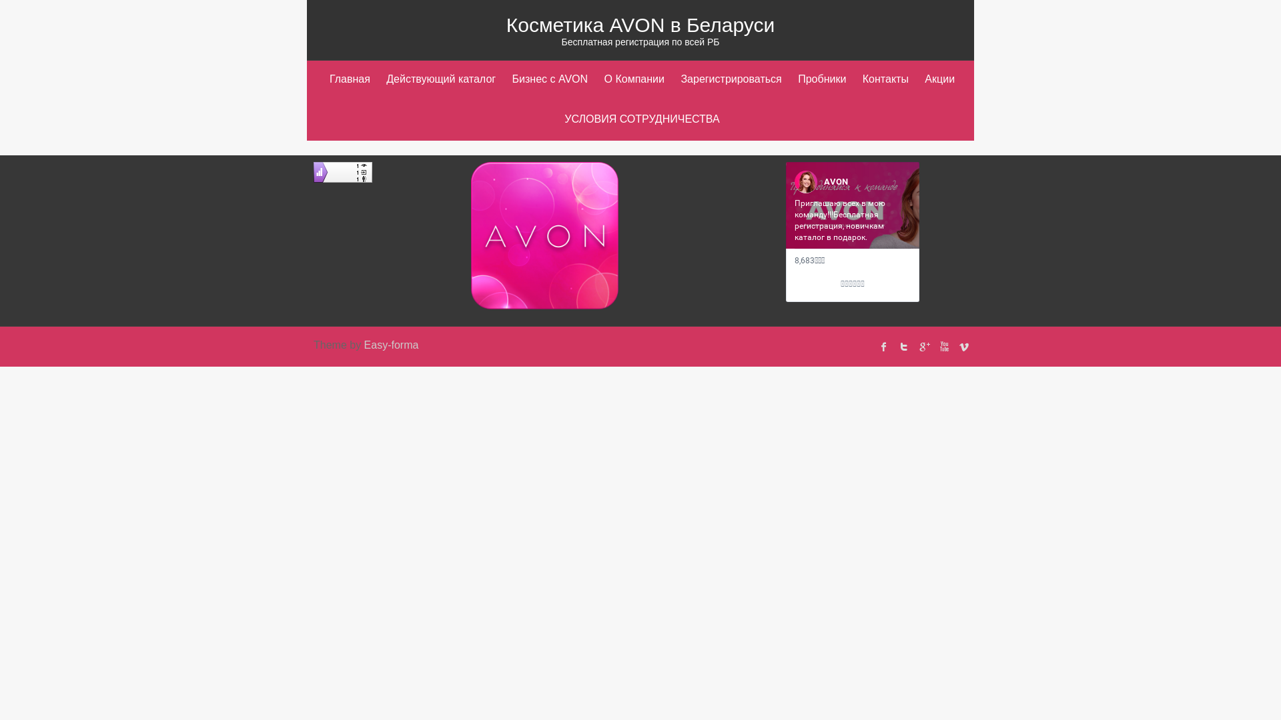 The height and width of the screenshot is (720, 1281). I want to click on 'Easy-forma', so click(390, 344).